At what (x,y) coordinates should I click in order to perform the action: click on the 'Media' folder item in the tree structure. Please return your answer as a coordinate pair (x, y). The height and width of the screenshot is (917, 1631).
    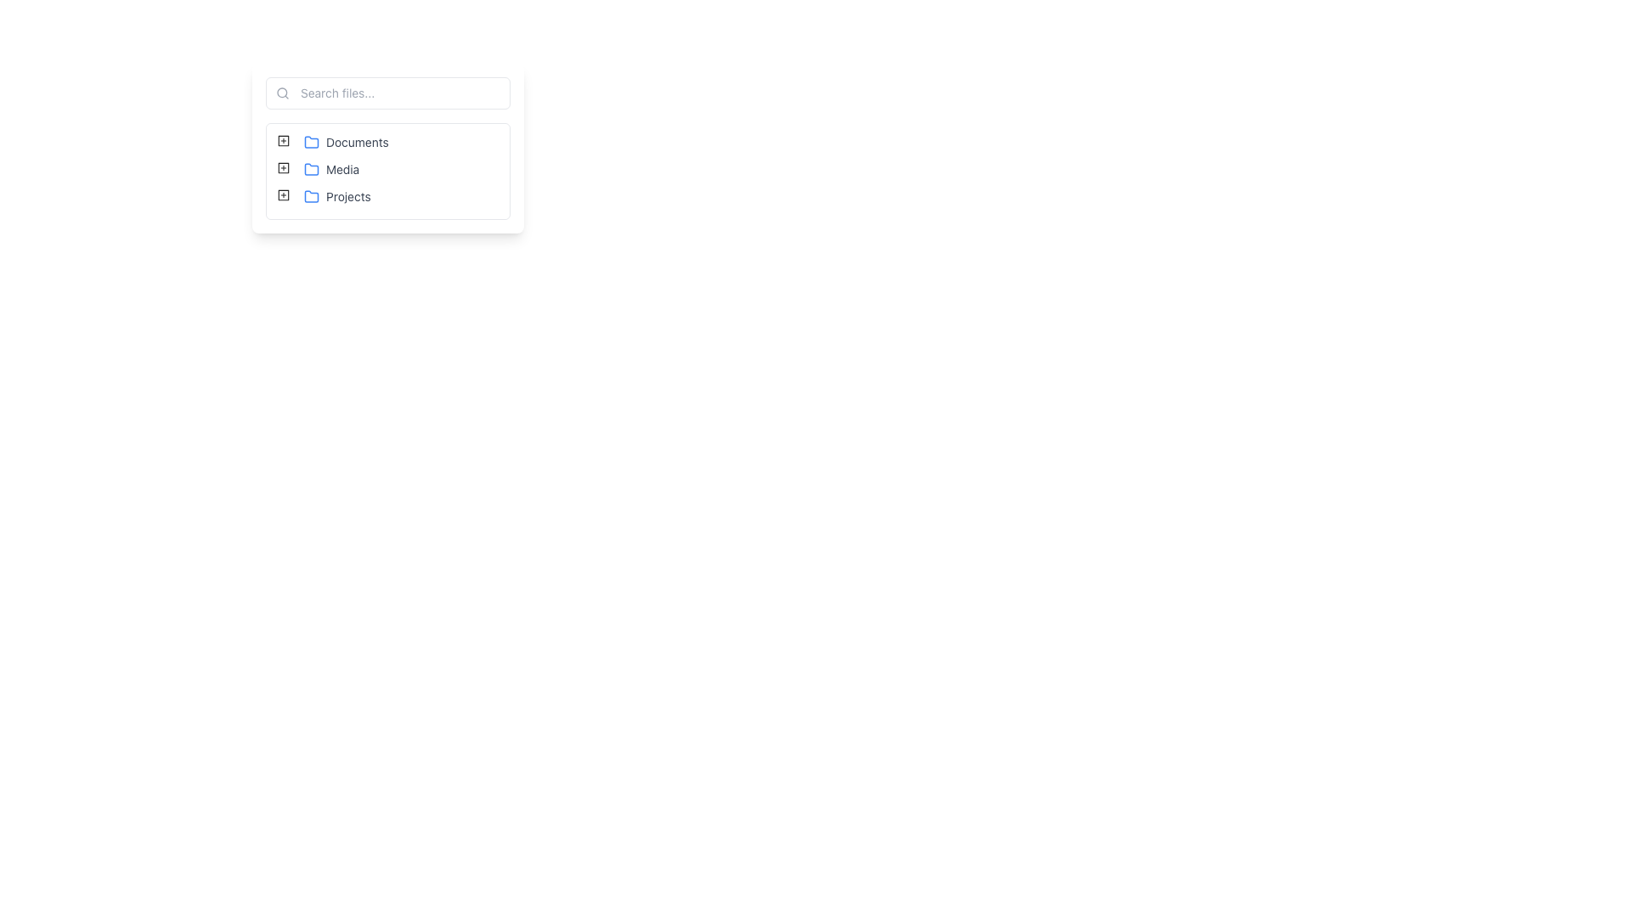
    Looking at the image, I should click on (387, 171).